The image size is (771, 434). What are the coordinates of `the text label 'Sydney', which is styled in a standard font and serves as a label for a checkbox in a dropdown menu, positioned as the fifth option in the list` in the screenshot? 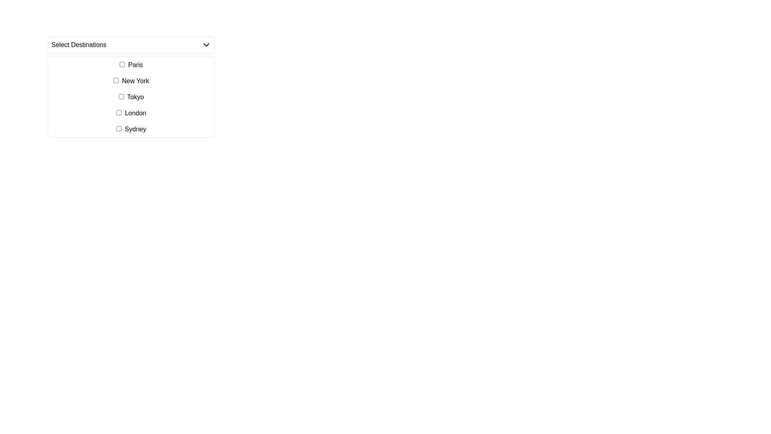 It's located at (135, 129).